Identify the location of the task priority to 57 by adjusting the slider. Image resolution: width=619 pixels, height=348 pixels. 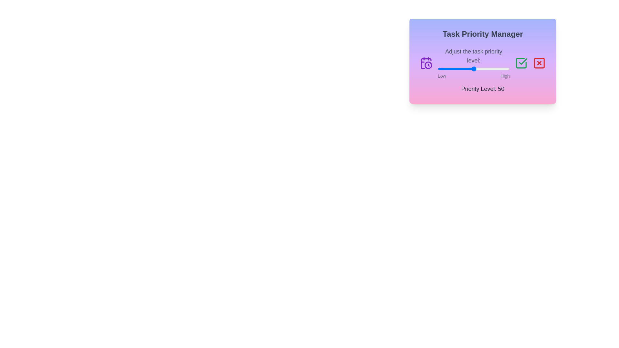
(479, 69).